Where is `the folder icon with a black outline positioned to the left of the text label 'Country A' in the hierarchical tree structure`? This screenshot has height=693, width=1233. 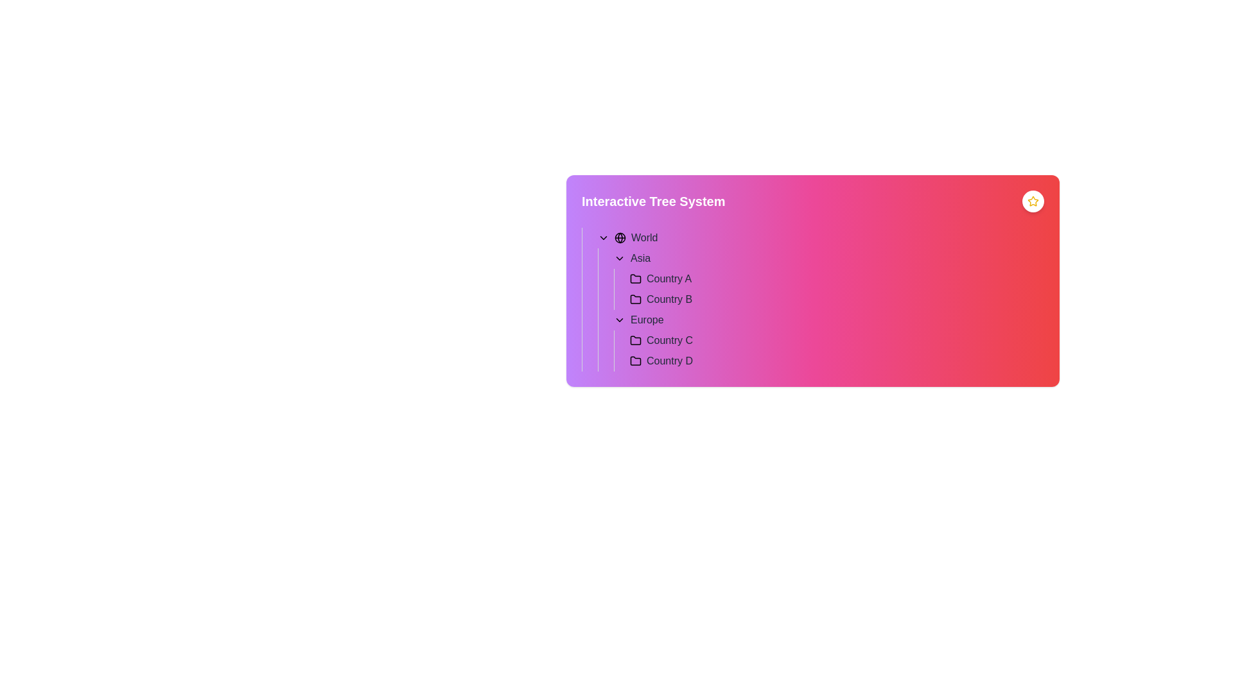 the folder icon with a black outline positioned to the left of the text label 'Country A' in the hierarchical tree structure is located at coordinates (635, 278).